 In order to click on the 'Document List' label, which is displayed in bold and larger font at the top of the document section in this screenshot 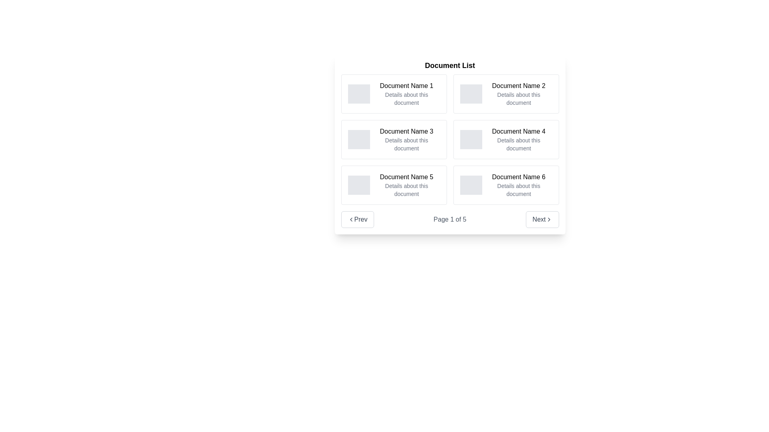, I will do `click(450, 65)`.